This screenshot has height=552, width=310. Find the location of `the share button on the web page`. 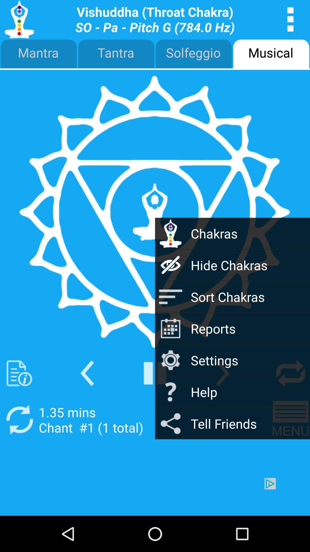

the share button on the web page is located at coordinates (170, 423).